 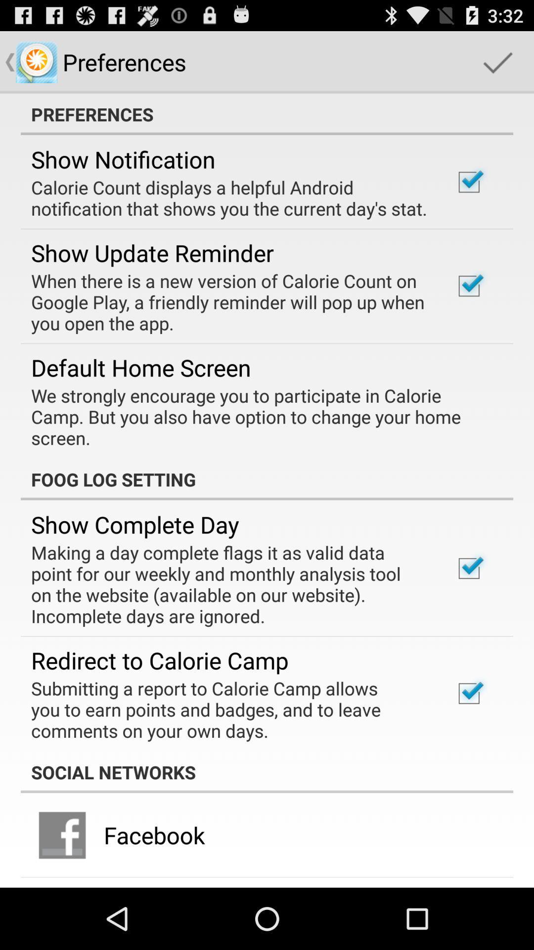 I want to click on the foog log setting icon, so click(x=267, y=479).